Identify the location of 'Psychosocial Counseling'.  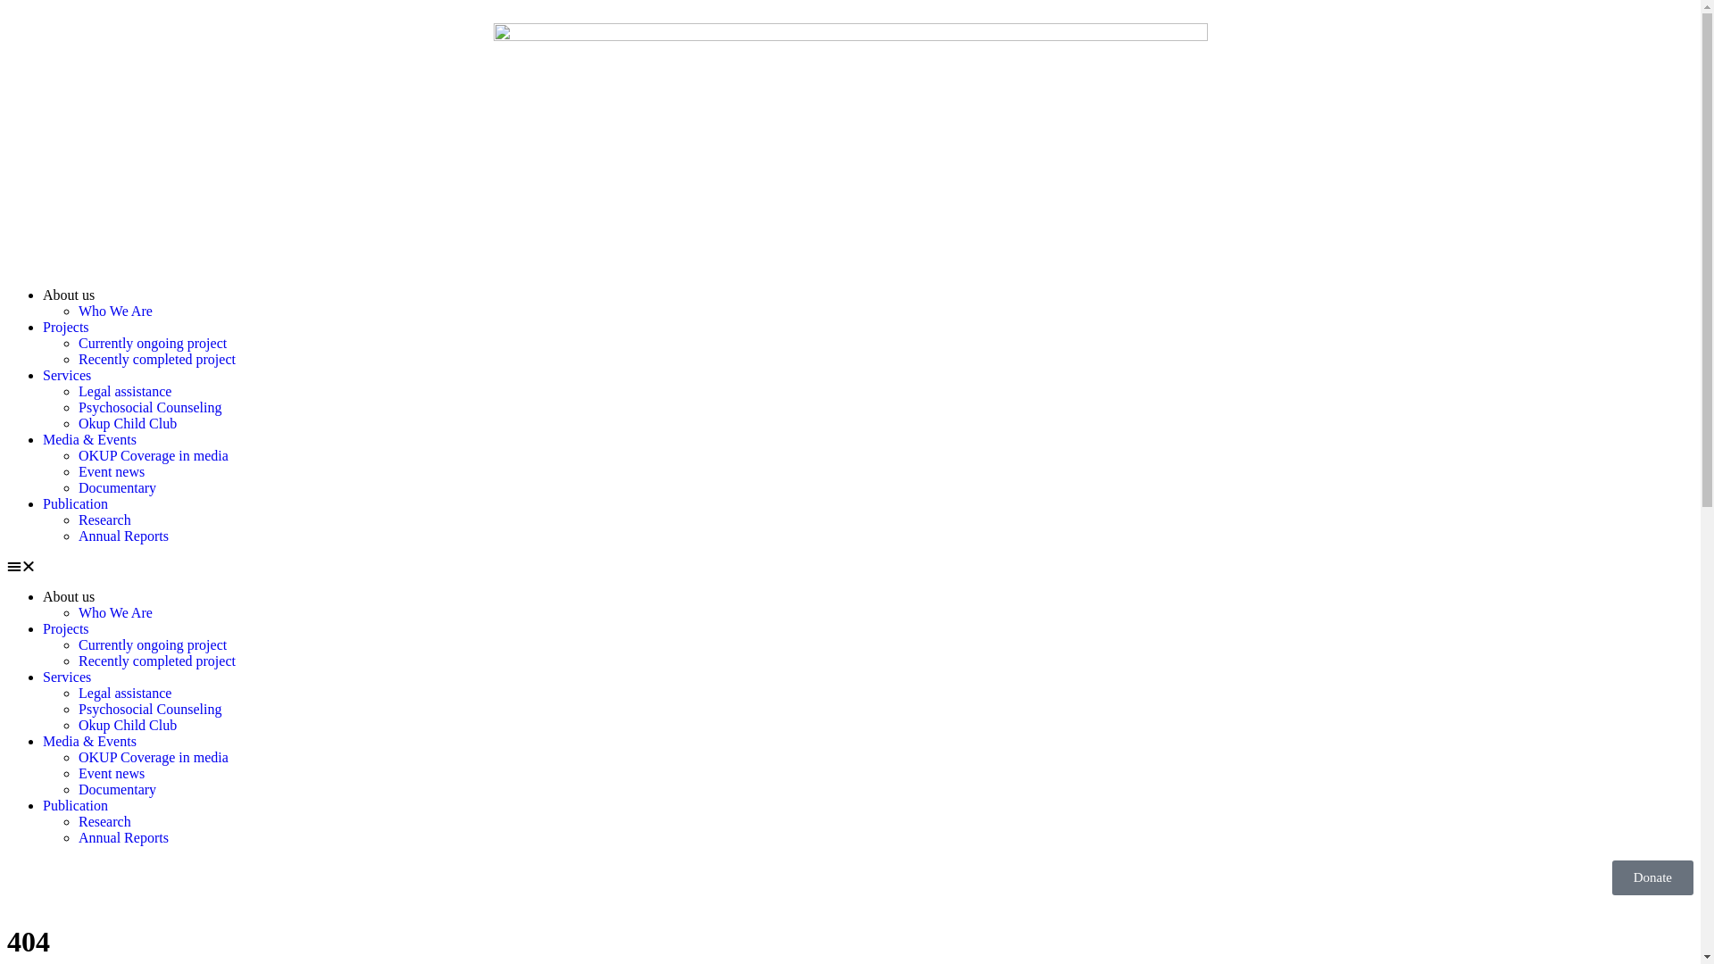
(150, 407).